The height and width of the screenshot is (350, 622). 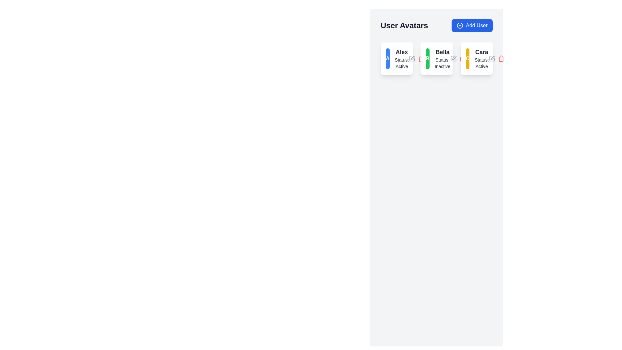 I want to click on the trash bin icon button in the top-right corner of the 'Cara' card, so click(x=501, y=59).